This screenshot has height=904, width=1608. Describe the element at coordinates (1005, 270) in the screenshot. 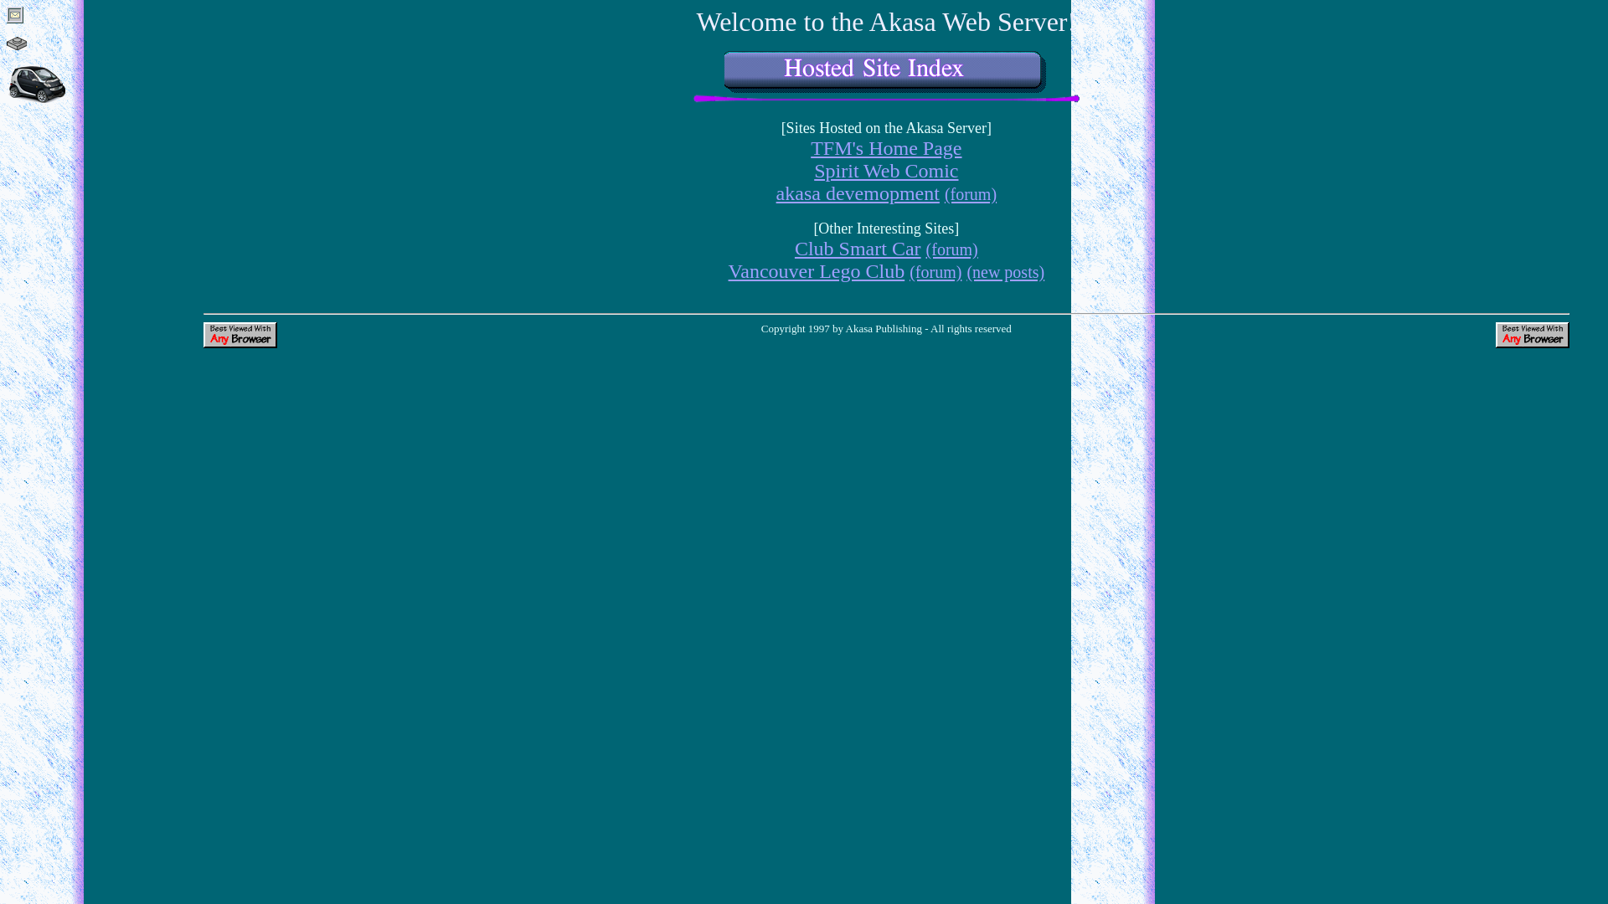

I see `'(new posts)'` at that location.